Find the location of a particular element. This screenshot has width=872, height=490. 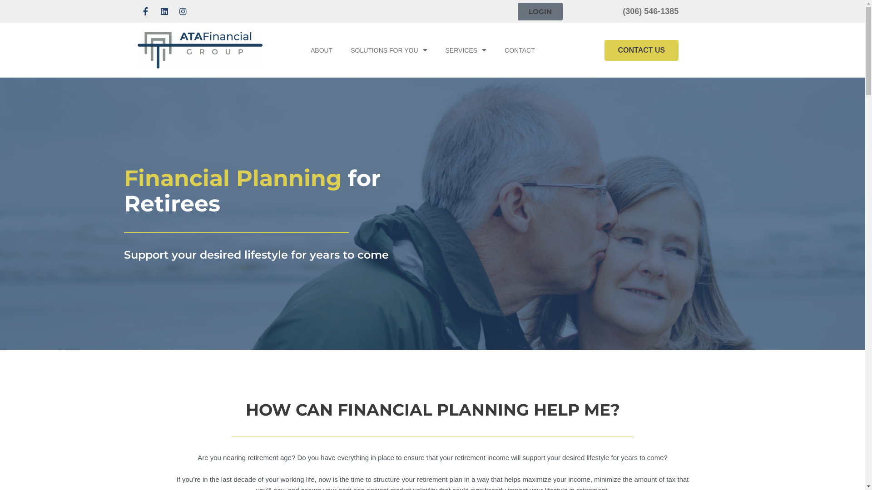

'Facebook-f' is located at coordinates (137, 11).